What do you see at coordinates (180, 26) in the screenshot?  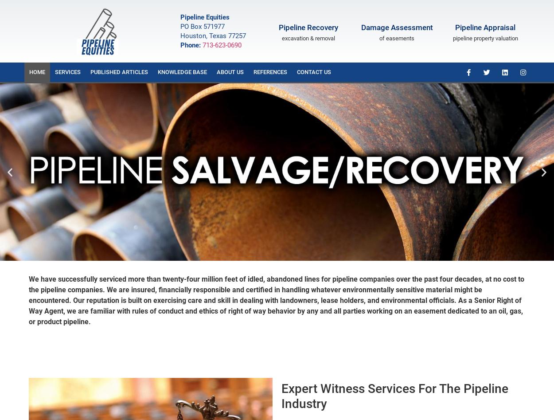 I see `'PO Box 571977'` at bounding box center [180, 26].